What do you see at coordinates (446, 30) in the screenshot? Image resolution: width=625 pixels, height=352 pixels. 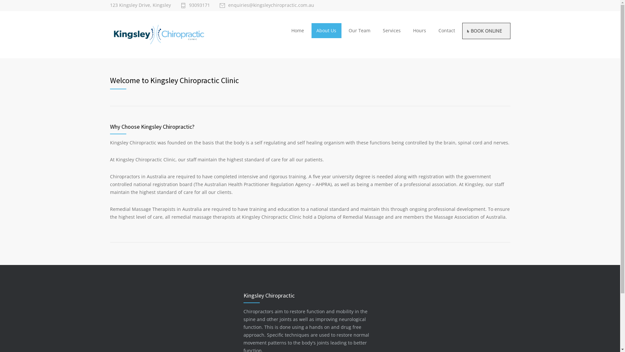 I see `'Contact'` at bounding box center [446, 30].